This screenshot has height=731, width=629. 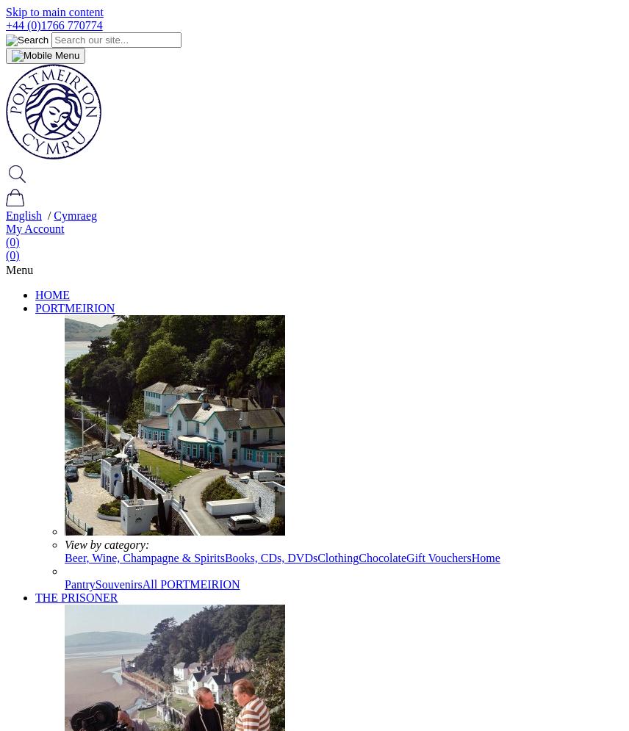 I want to click on 'Souvenirs', so click(x=118, y=584).